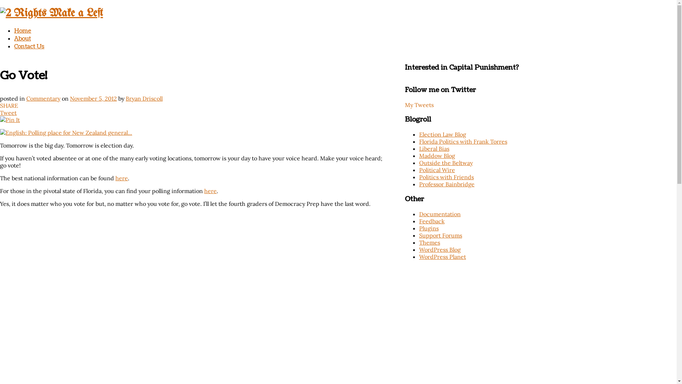 The image size is (682, 384). Describe the element at coordinates (419, 155) in the screenshot. I see `'Maddow Blog'` at that location.